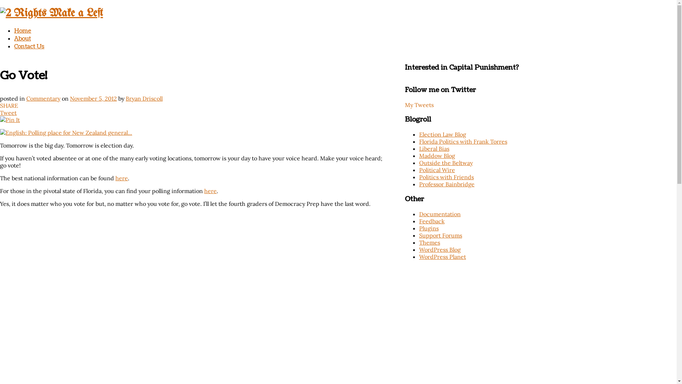 The image size is (682, 384). Describe the element at coordinates (419, 155) in the screenshot. I see `'Maddow Blog'` at that location.